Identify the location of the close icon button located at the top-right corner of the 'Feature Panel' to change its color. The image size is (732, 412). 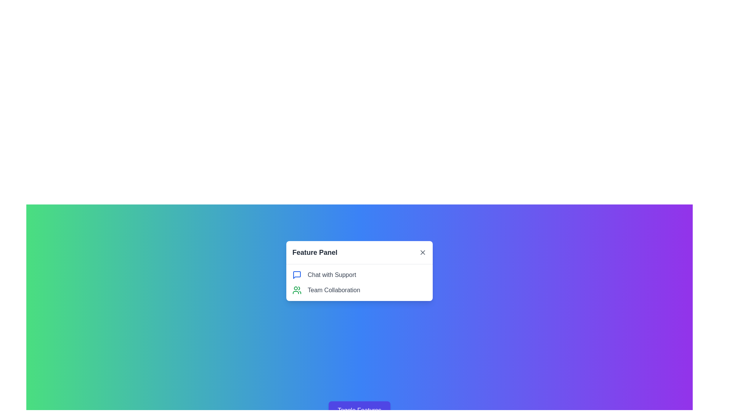
(422, 253).